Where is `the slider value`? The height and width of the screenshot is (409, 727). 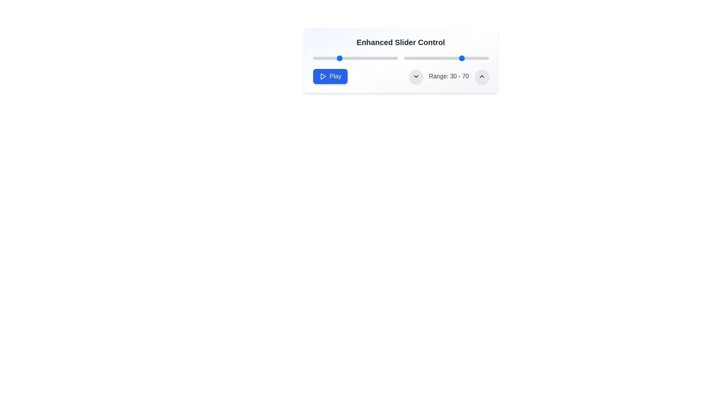 the slider value is located at coordinates (454, 58).